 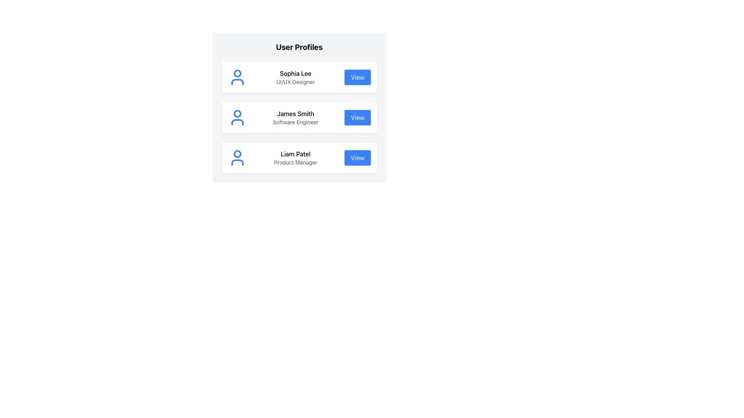 What do you see at coordinates (237, 162) in the screenshot?
I see `the curved line forming a semi-circle at the lower portion of the user profile icon representing 'Liam Patel'` at bounding box center [237, 162].